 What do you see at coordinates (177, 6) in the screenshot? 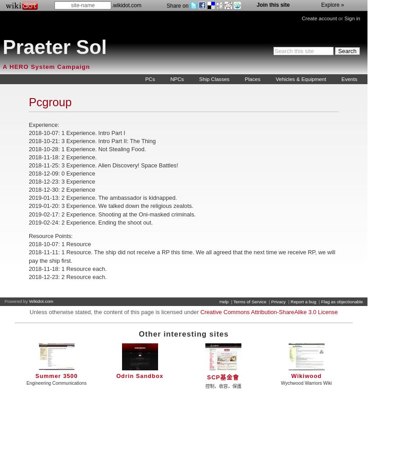
I see `'Share on'` at bounding box center [177, 6].